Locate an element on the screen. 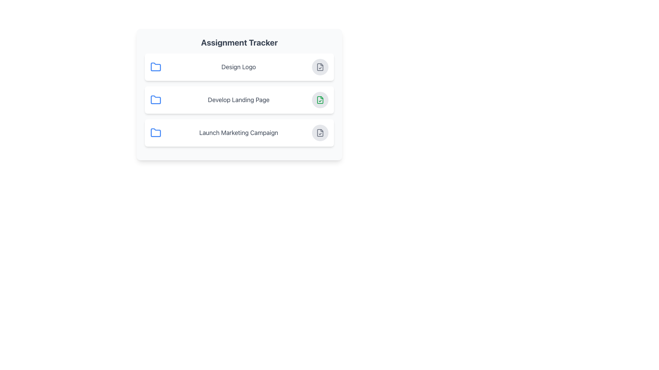 The width and height of the screenshot is (659, 370). the circular gray button with a green checkmark over a document icon is located at coordinates (320, 100).